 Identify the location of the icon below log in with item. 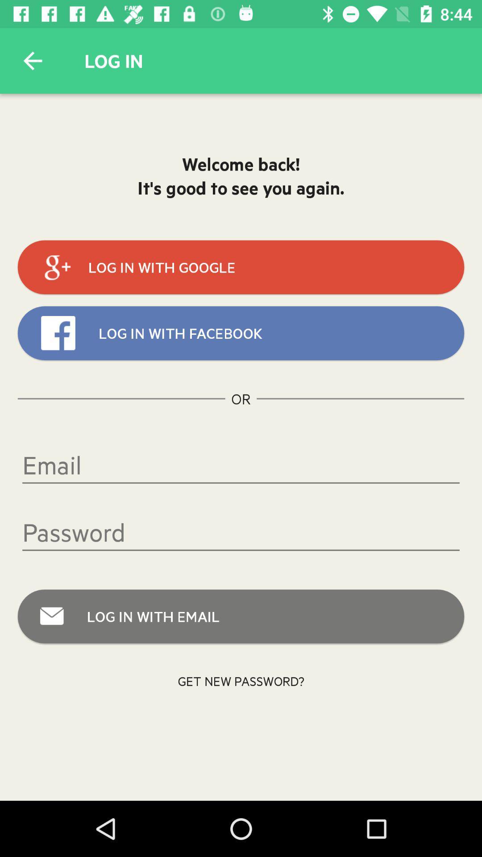
(241, 680).